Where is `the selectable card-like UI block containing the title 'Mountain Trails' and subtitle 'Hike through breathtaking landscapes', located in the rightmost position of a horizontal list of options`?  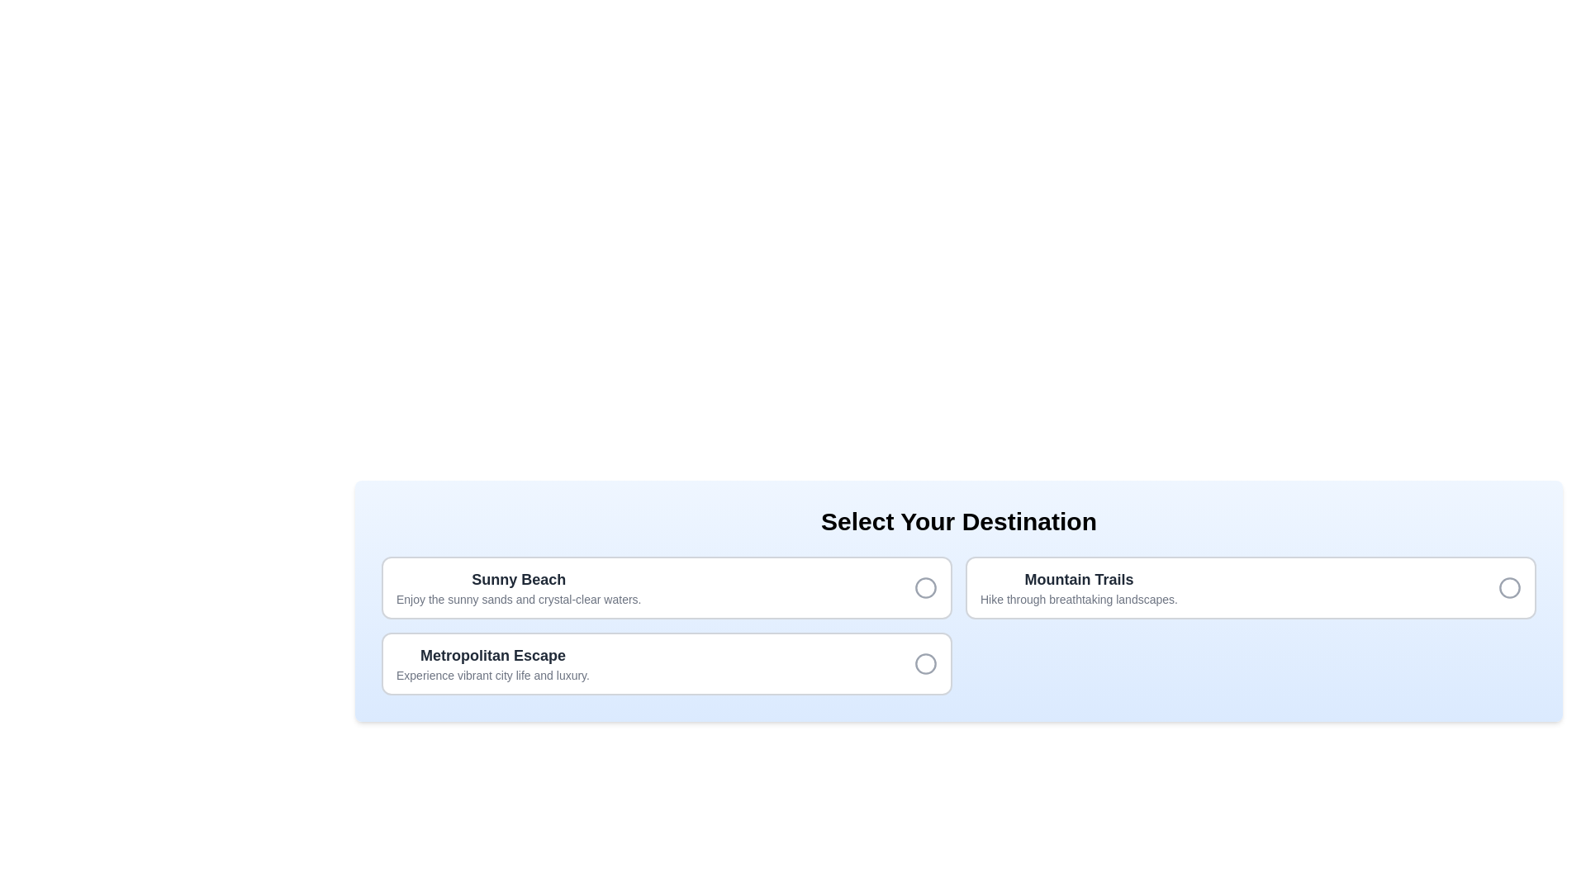
the selectable card-like UI block containing the title 'Mountain Trails' and subtitle 'Hike through breathtaking landscapes', located in the rightmost position of a horizontal list of options is located at coordinates (1079, 587).